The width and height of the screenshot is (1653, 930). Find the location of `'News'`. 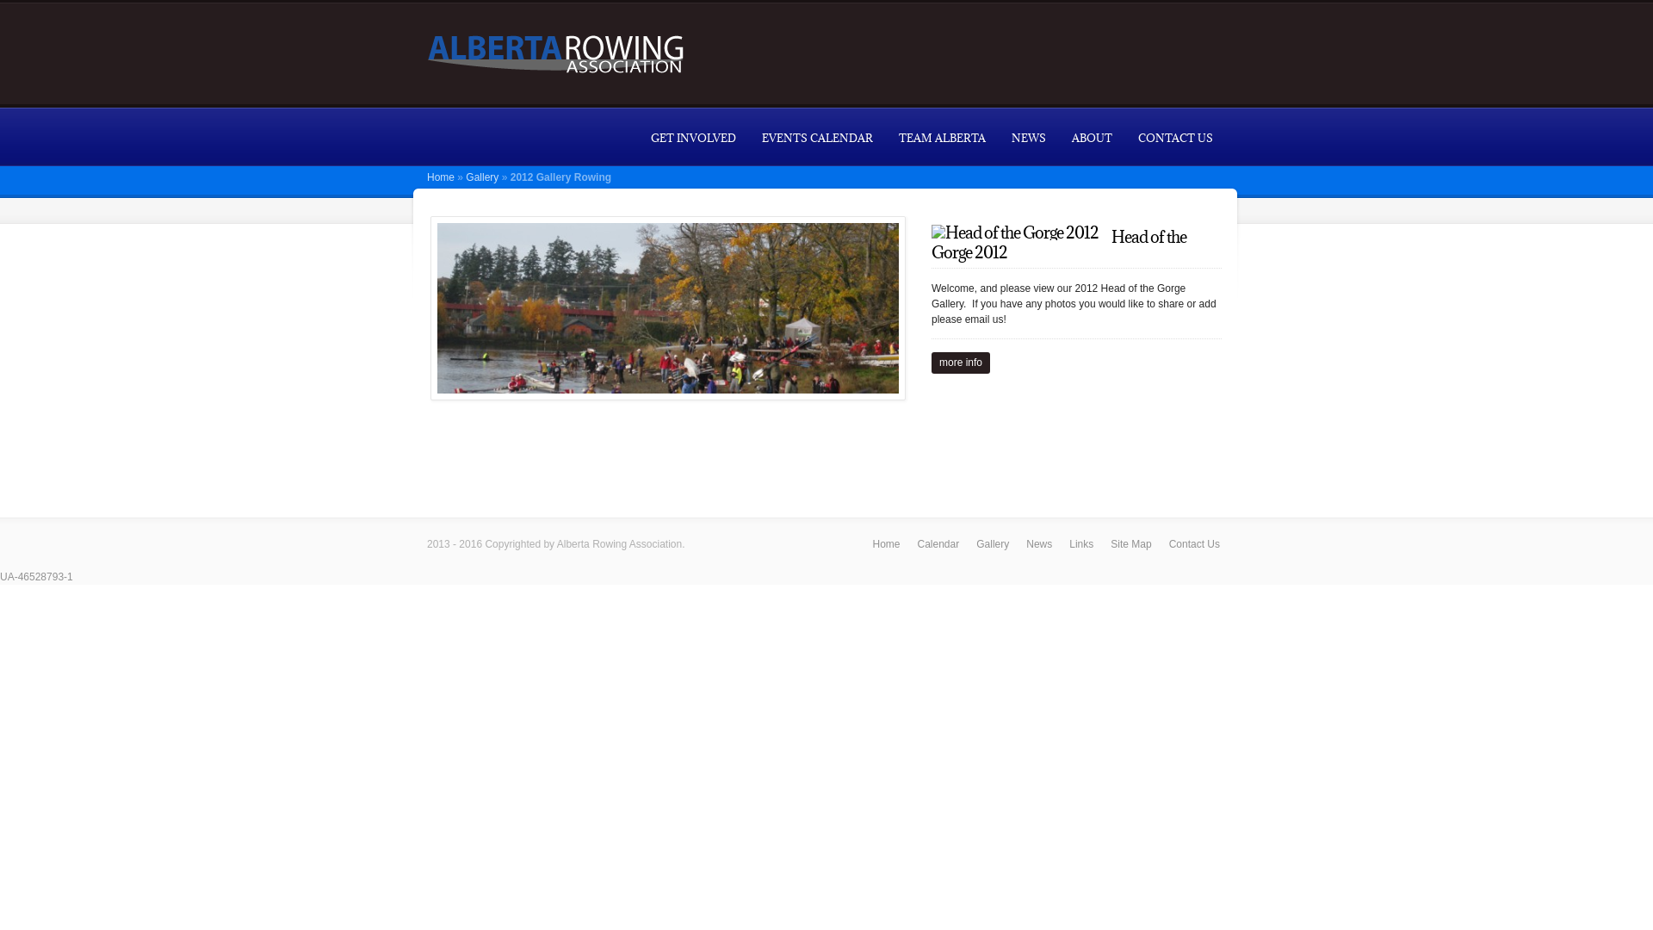

'News' is located at coordinates (1037, 543).